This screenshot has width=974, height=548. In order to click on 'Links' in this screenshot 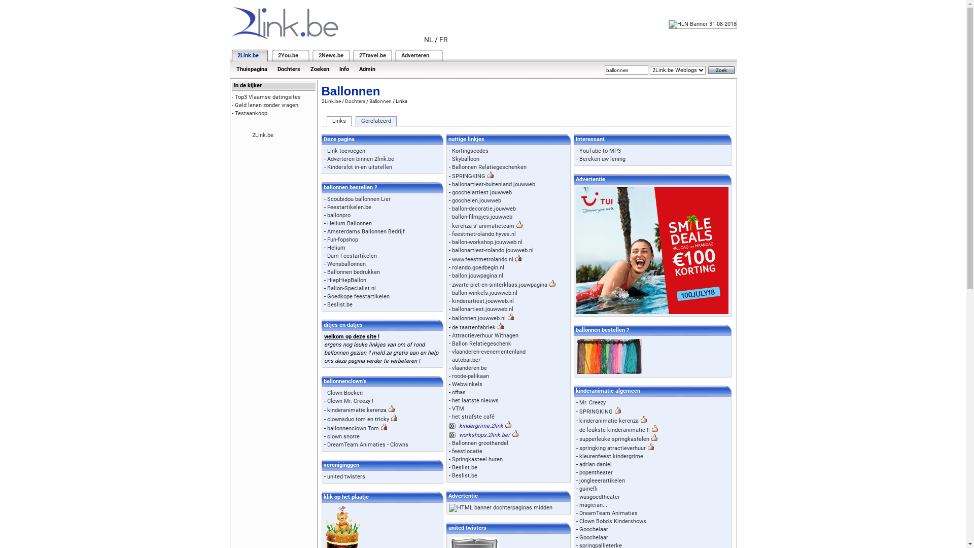, I will do `click(339, 121)`.